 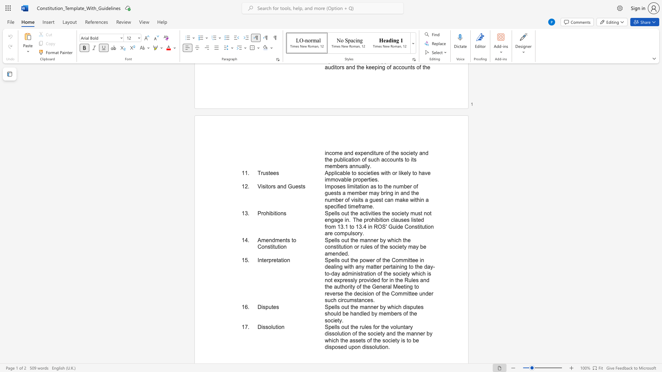 What do you see at coordinates (364, 307) in the screenshot?
I see `the subset text "anner by which disputes should be handle" within the text "Spells out the manner by which disputes should be handled by members of the society."` at bounding box center [364, 307].